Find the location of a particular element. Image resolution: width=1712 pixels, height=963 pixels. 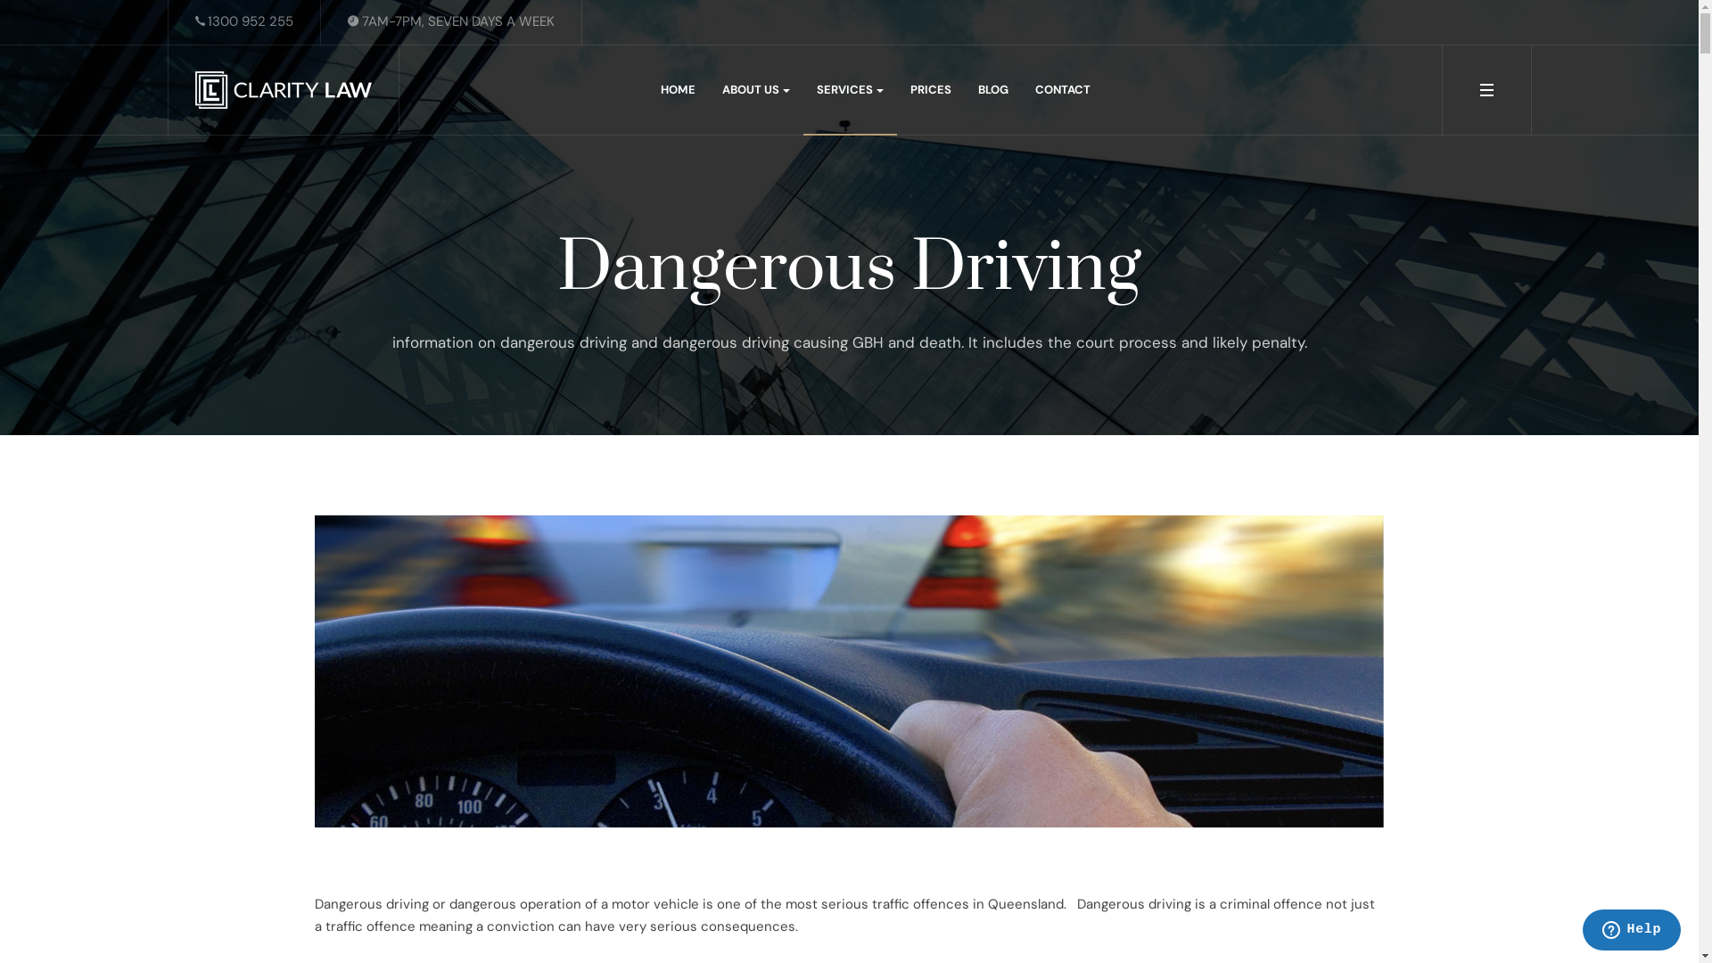

'Opens a widget where you can chat to one of our agents' is located at coordinates (1631, 931).